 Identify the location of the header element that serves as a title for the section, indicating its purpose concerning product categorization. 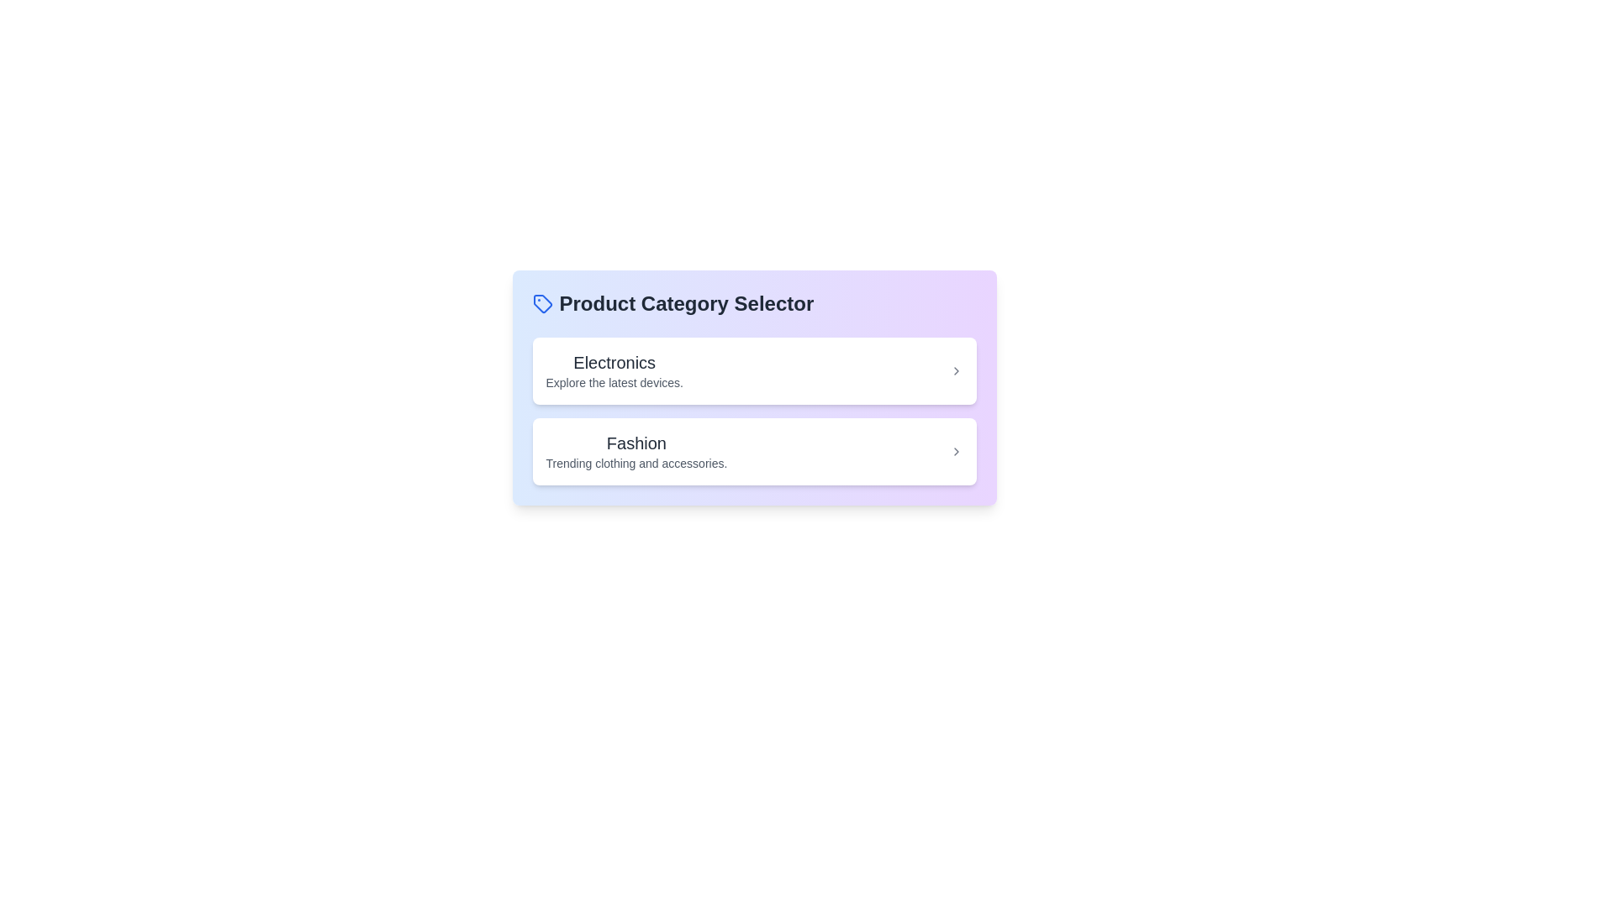
(753, 304).